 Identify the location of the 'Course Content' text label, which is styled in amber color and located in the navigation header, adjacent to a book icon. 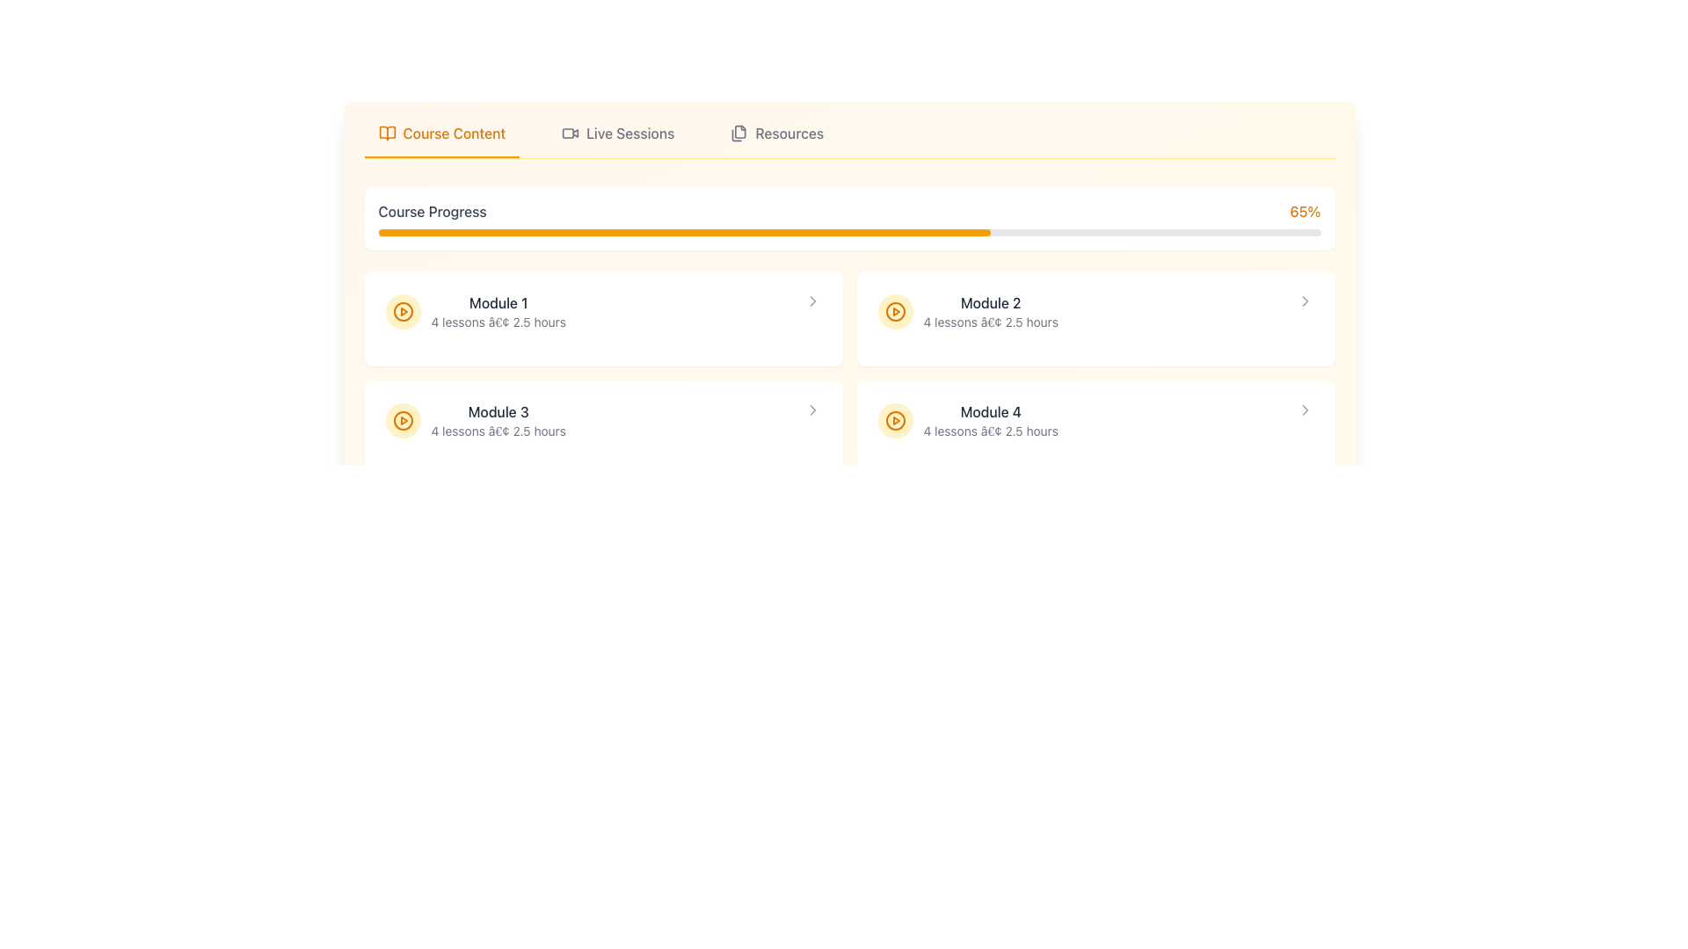
(454, 132).